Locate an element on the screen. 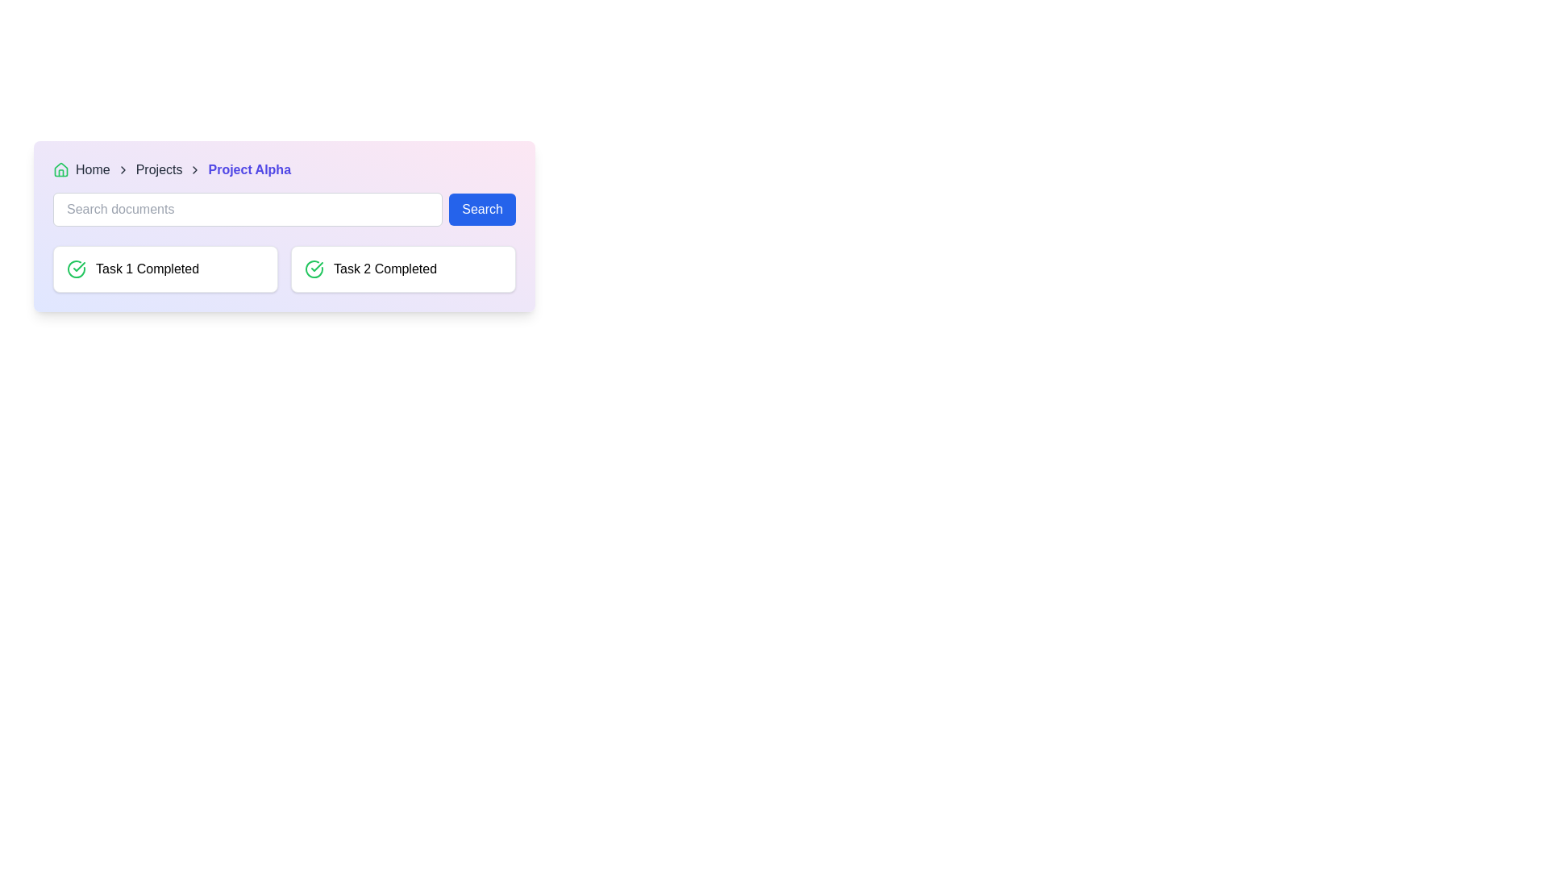 The height and width of the screenshot is (871, 1548). the status represented by the completion icon for 'Task 1', which is located within the card labeled 'Task 1 Completed' is located at coordinates (314, 269).